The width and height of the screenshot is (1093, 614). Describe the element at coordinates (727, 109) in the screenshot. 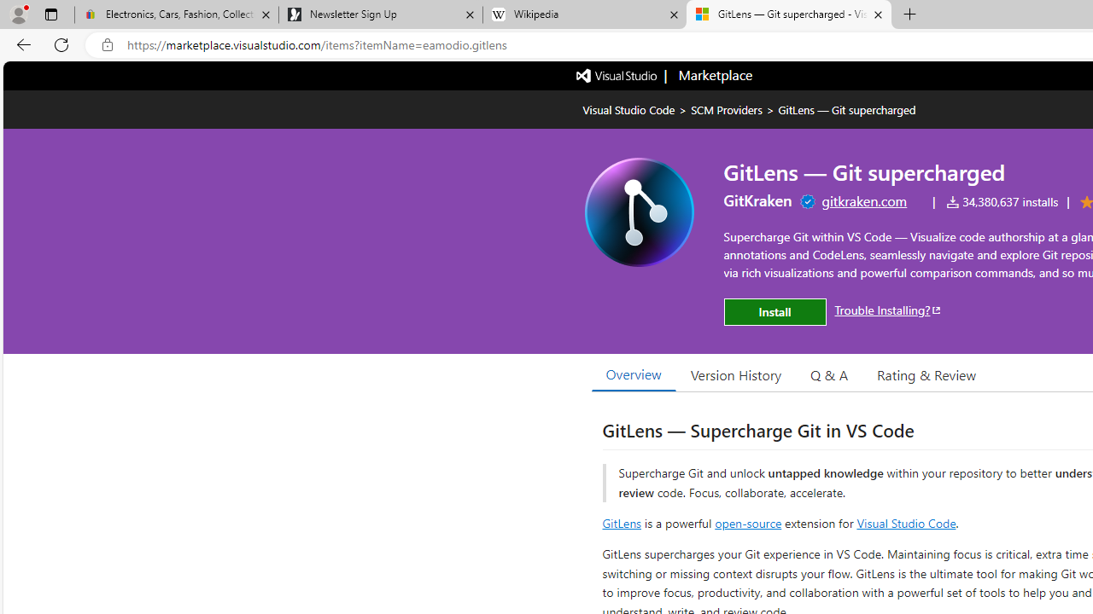

I see `'SCM Providers'` at that location.